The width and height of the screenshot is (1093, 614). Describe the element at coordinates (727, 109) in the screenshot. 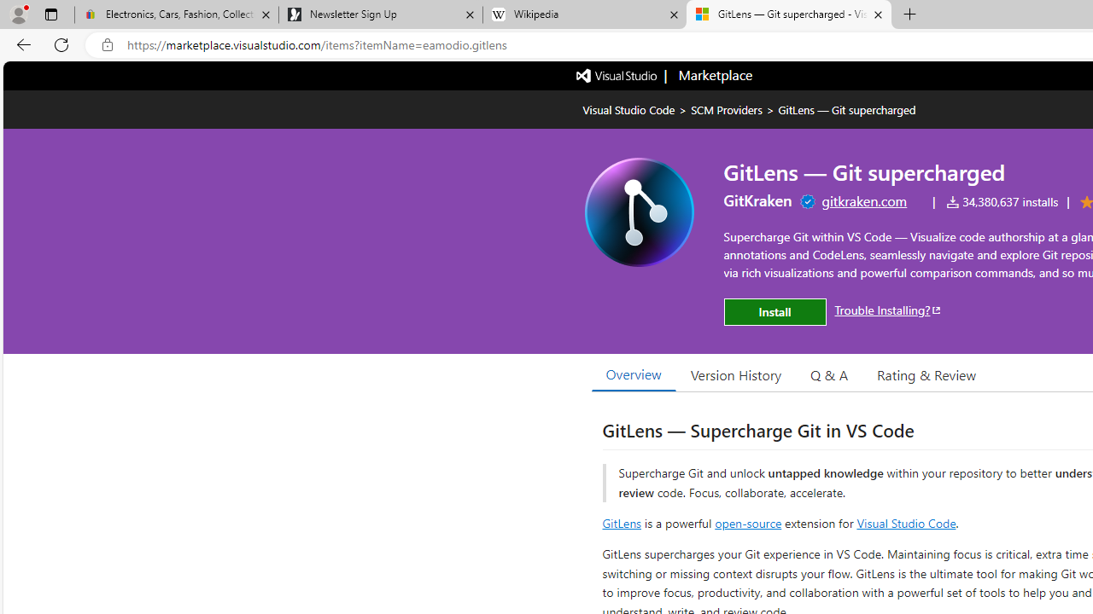

I see `'SCM Providers'` at that location.